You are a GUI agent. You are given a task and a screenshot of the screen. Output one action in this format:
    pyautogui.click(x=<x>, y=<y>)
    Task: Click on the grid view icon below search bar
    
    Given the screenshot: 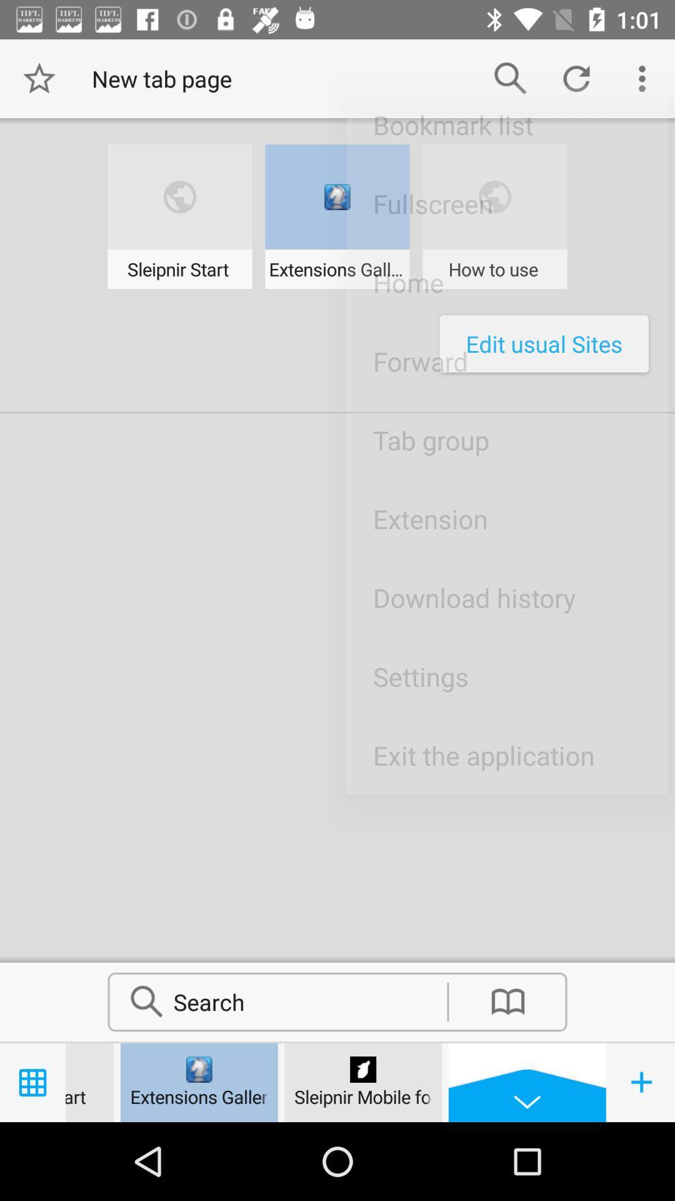 What is the action you would take?
    pyautogui.click(x=32, y=1082)
    